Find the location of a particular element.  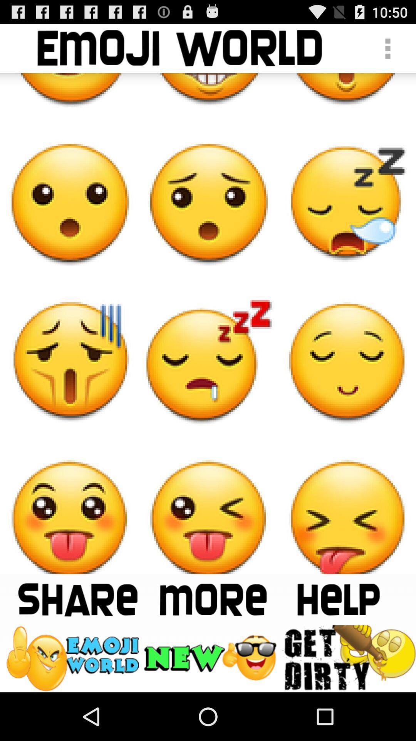

the delete icon is located at coordinates (213, 641).